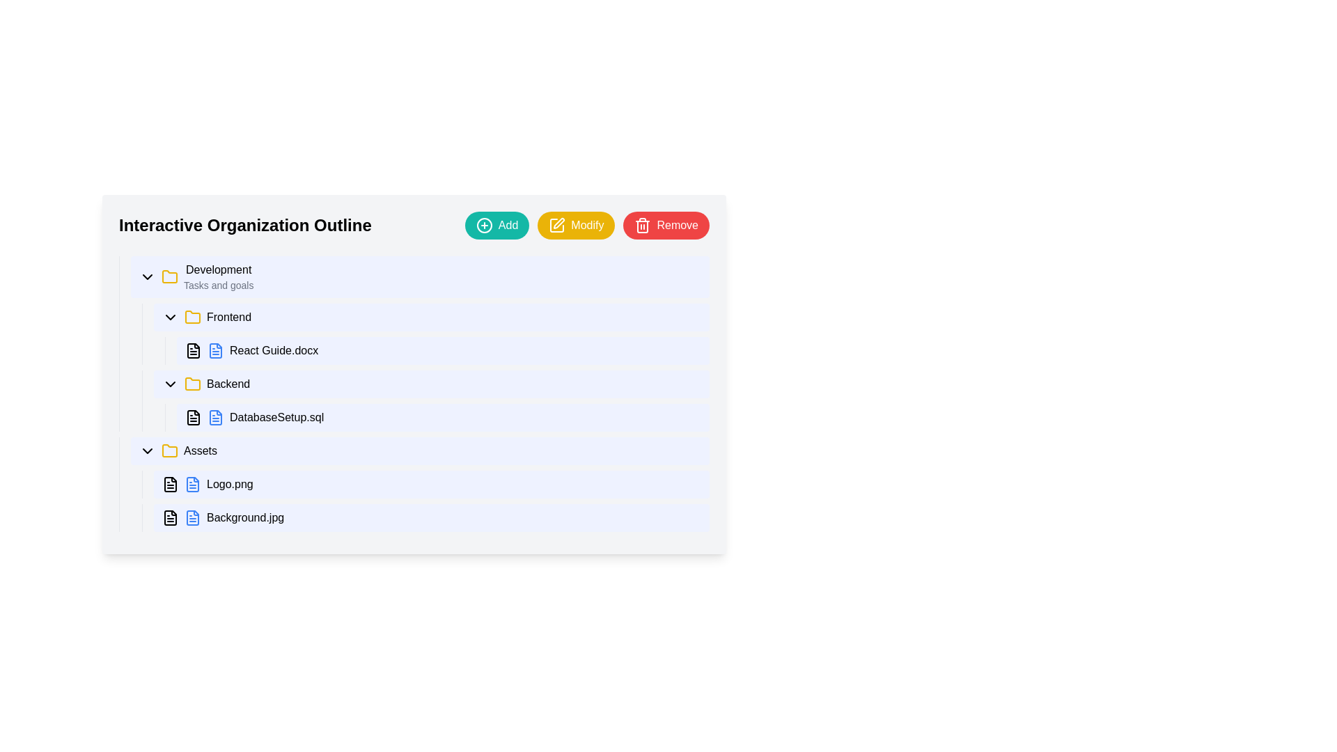  Describe the element at coordinates (228, 384) in the screenshot. I see `the 'Backend' text label` at that location.